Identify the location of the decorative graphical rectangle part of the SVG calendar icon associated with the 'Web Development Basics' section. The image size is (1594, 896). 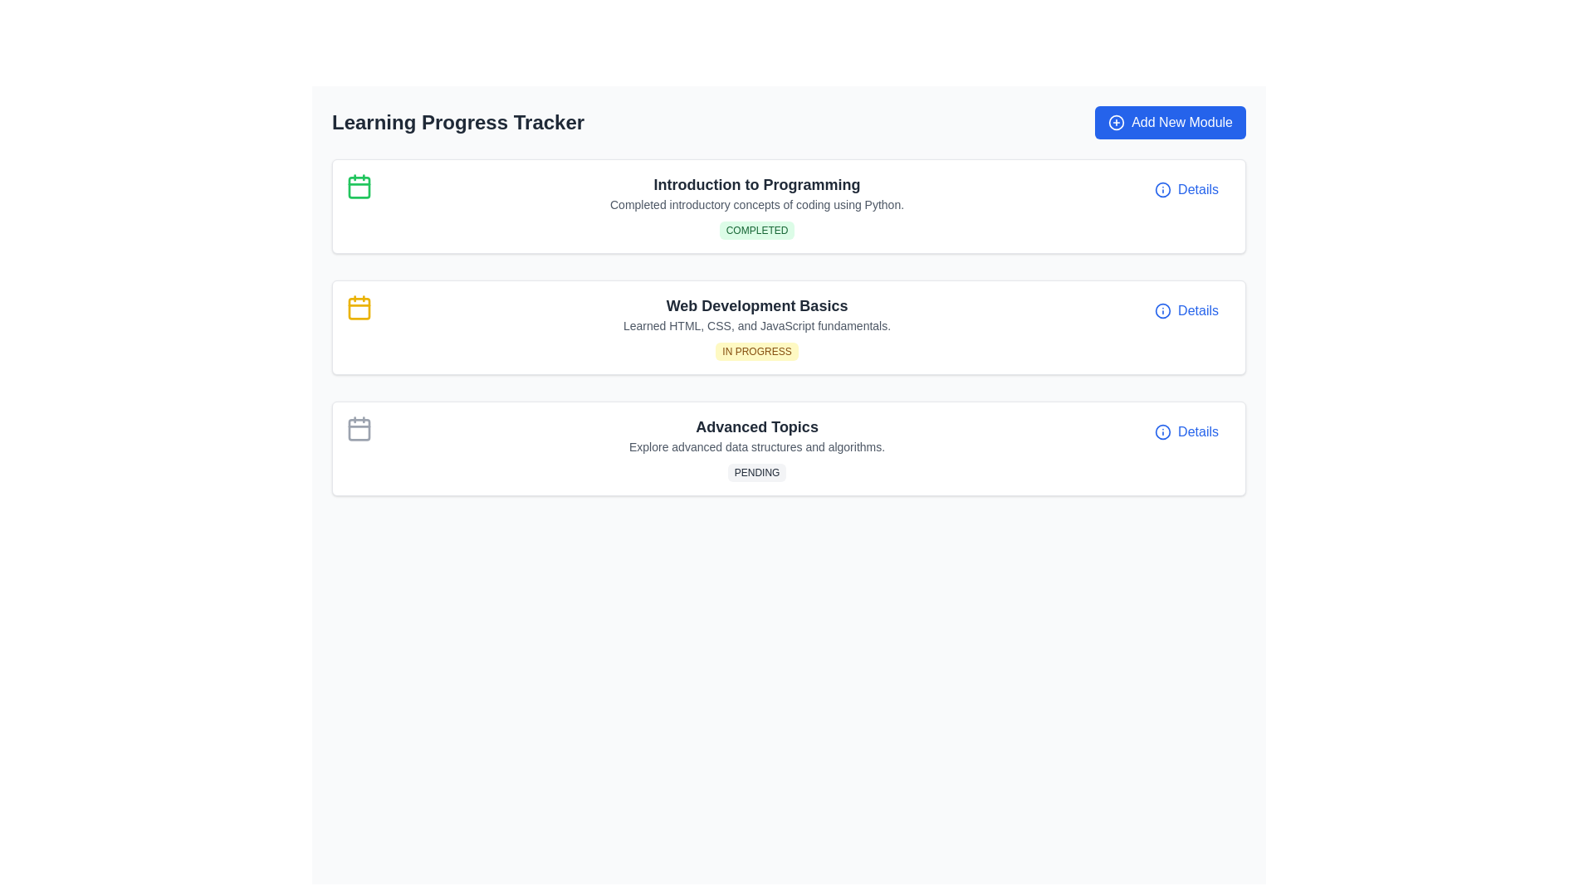
(358, 308).